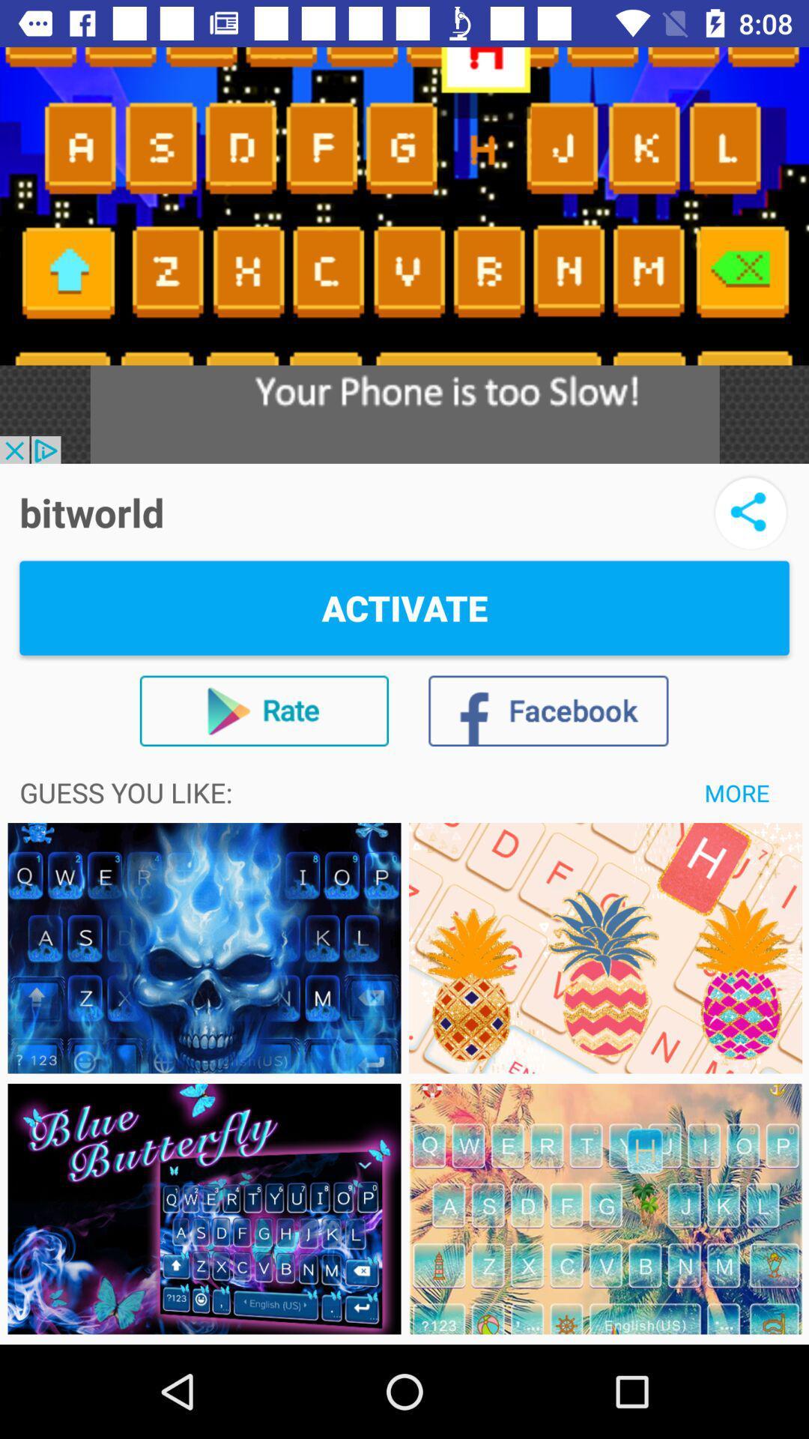 The width and height of the screenshot is (809, 1439). Describe the element at coordinates (548, 710) in the screenshot. I see `the icon below activate icon` at that location.